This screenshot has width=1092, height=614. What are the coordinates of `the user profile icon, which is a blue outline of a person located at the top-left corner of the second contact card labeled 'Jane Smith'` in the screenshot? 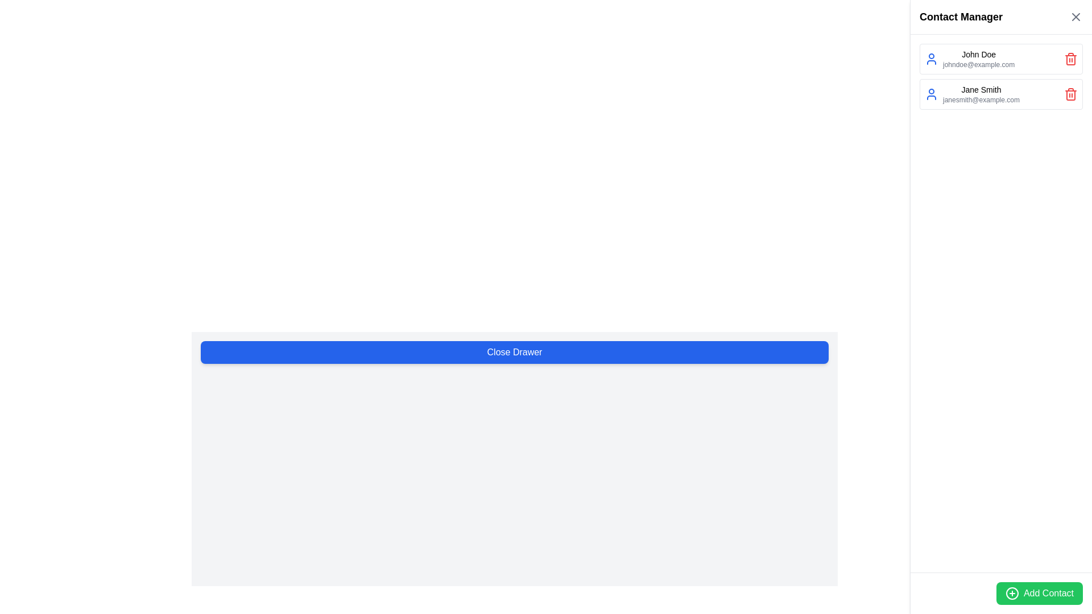 It's located at (931, 93).